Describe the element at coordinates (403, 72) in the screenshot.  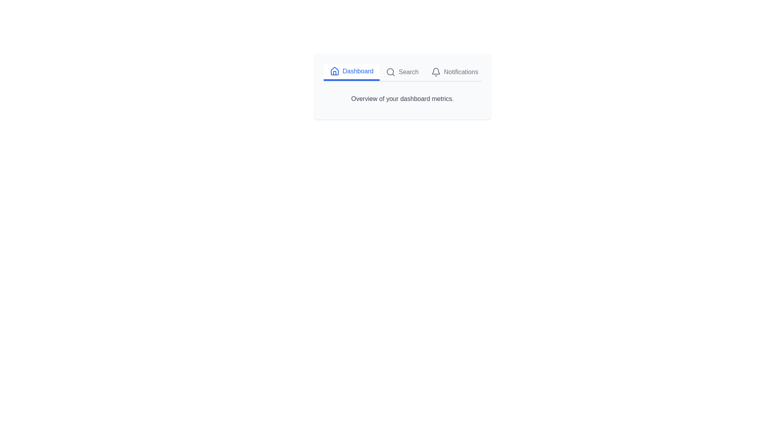
I see `the tab Search to observe the hover effect` at that location.